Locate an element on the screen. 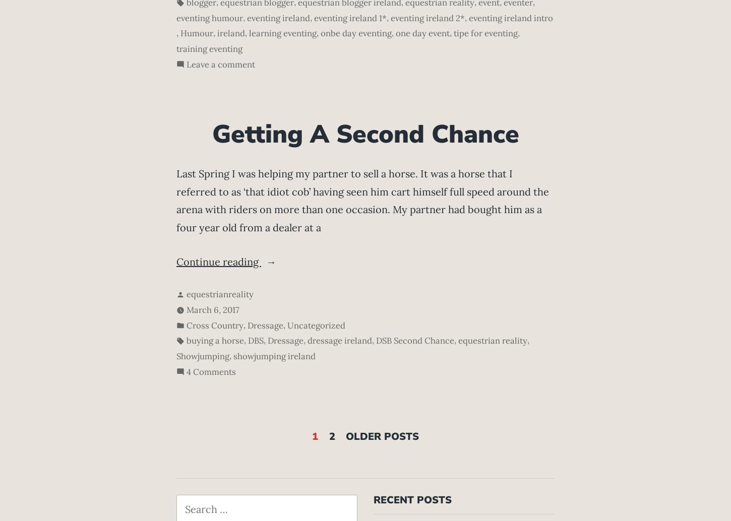 The image size is (731, 521). 'tipe for eventing' is located at coordinates (485, 33).